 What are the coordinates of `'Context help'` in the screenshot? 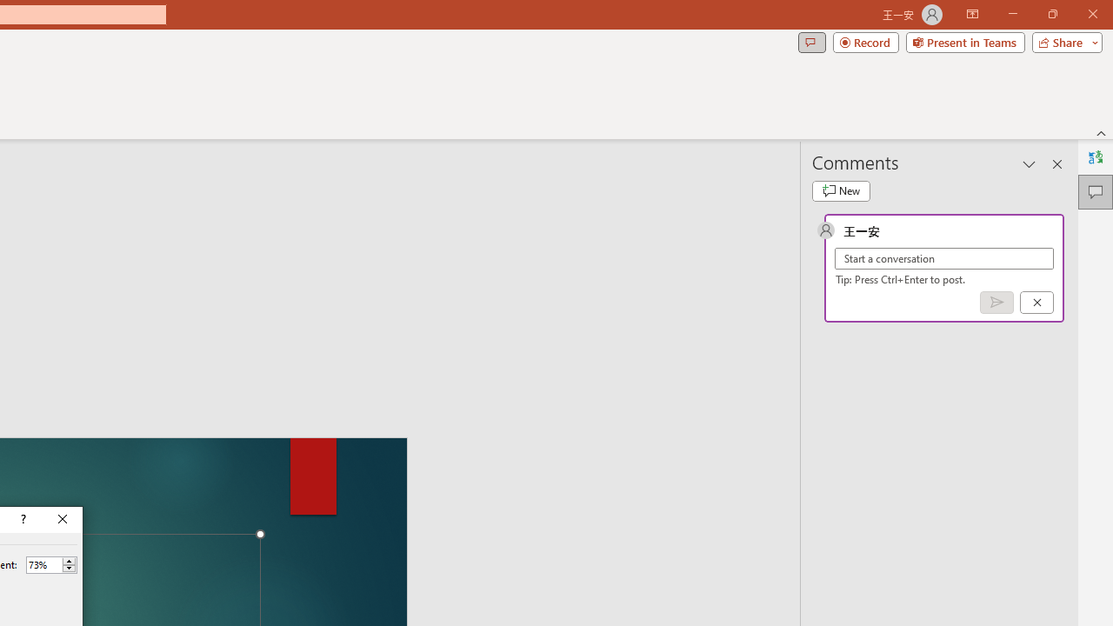 It's located at (22, 518).